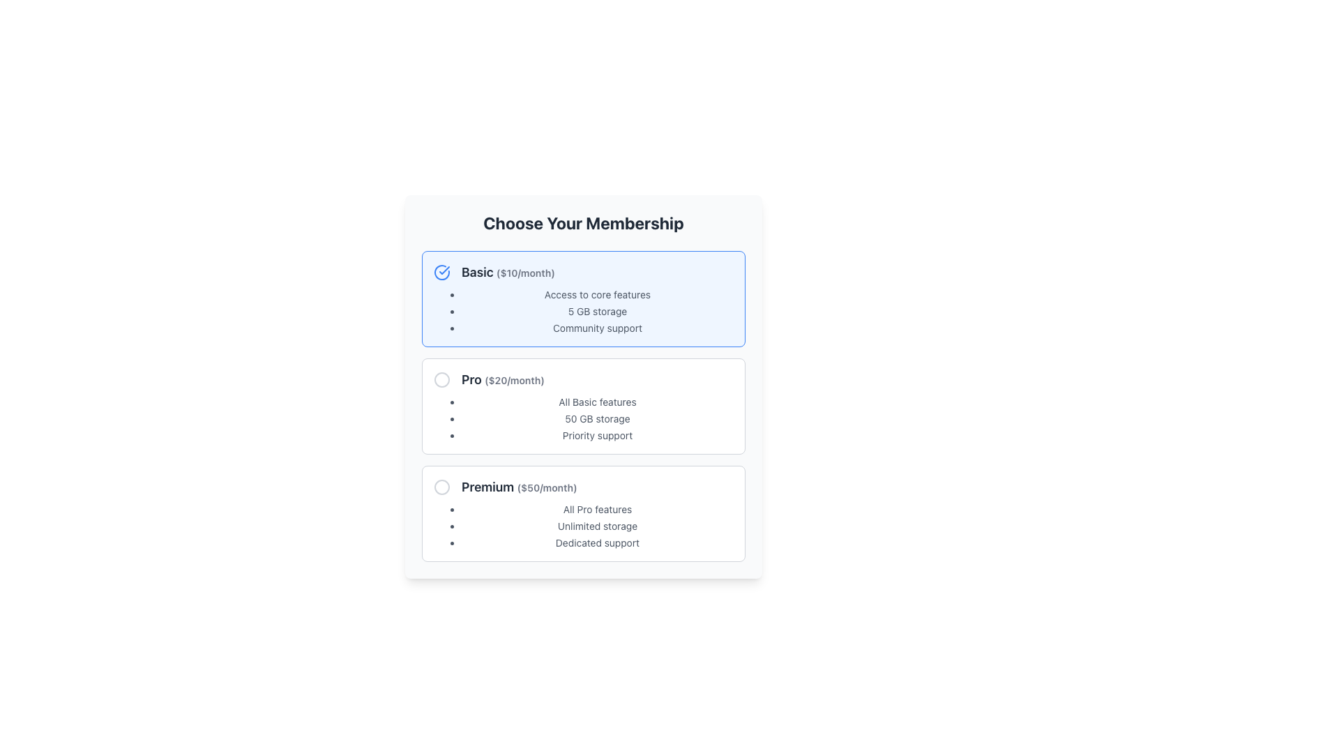 This screenshot has height=753, width=1339. I want to click on the checkmark icon indicating the selection of the 'Basic' membership option in the membership selection panel, so click(444, 271).